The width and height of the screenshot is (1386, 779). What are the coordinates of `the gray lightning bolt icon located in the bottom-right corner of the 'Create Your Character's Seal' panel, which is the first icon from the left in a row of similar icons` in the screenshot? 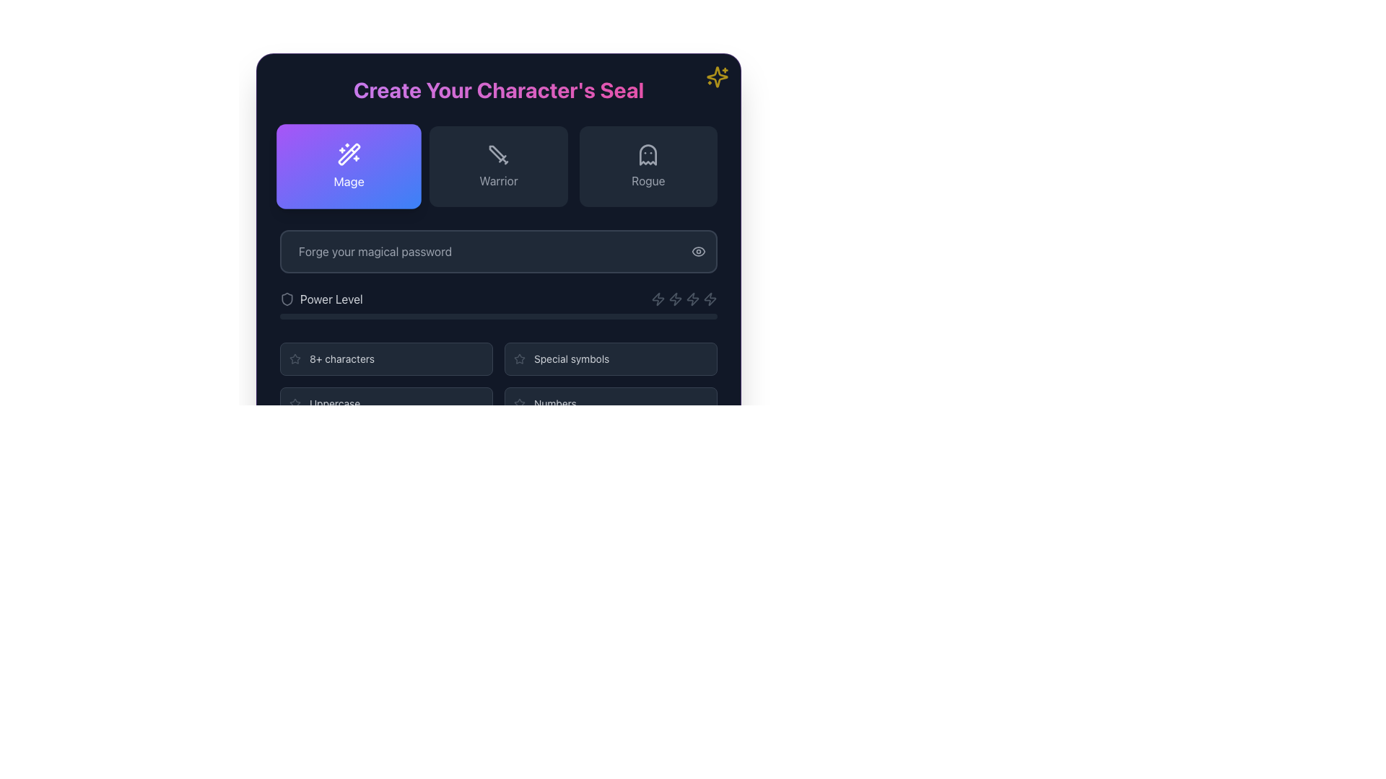 It's located at (658, 299).